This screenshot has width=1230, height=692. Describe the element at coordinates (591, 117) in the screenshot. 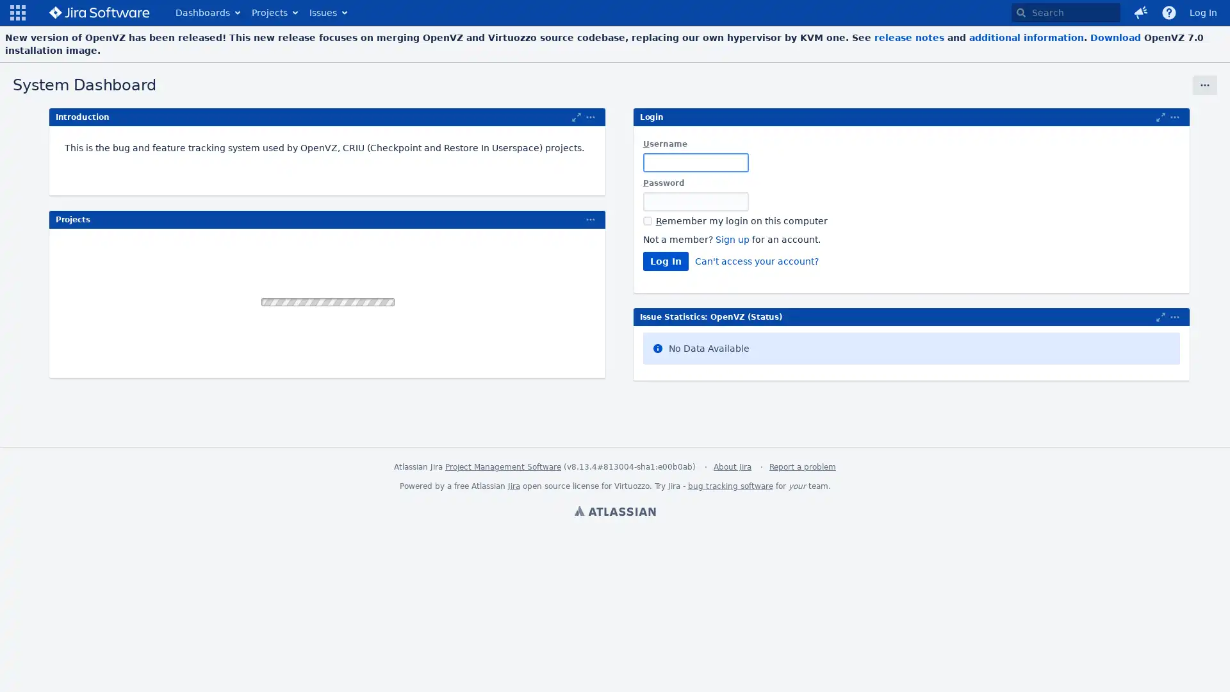

I see `Expand` at that location.